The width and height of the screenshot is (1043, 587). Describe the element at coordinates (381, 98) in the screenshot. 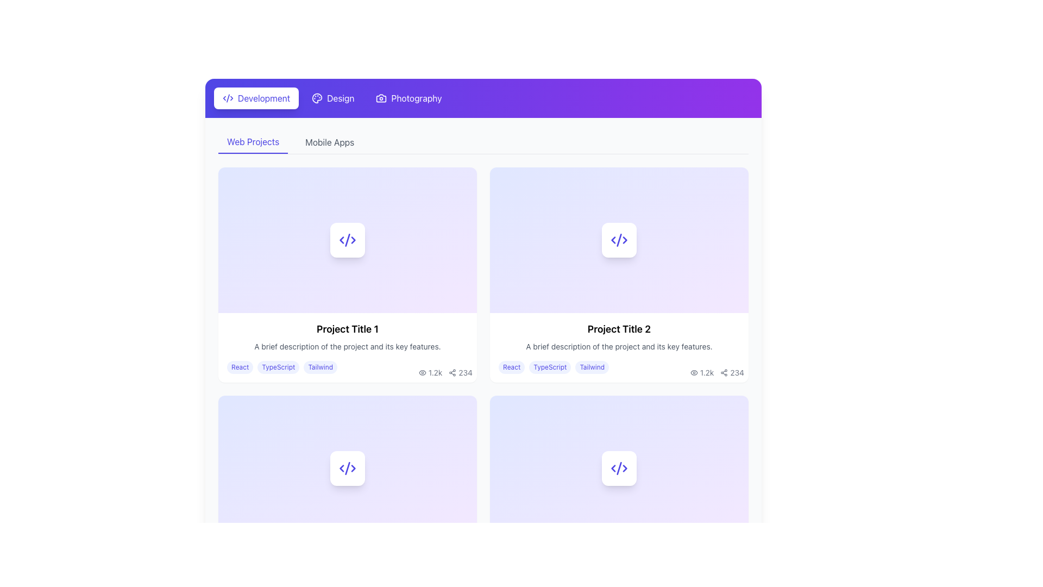

I see `the third SVG icon in the navigation bar that resembles a camera` at that location.